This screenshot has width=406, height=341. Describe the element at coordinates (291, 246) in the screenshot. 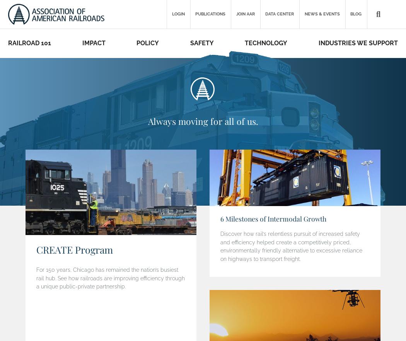

I see `'Discover how rail’s relentless pursuit of increased safety and efficiency helped create a competitively priced, environmentally friendly alternative to excessive reliance on highways to transport freight.'` at that location.